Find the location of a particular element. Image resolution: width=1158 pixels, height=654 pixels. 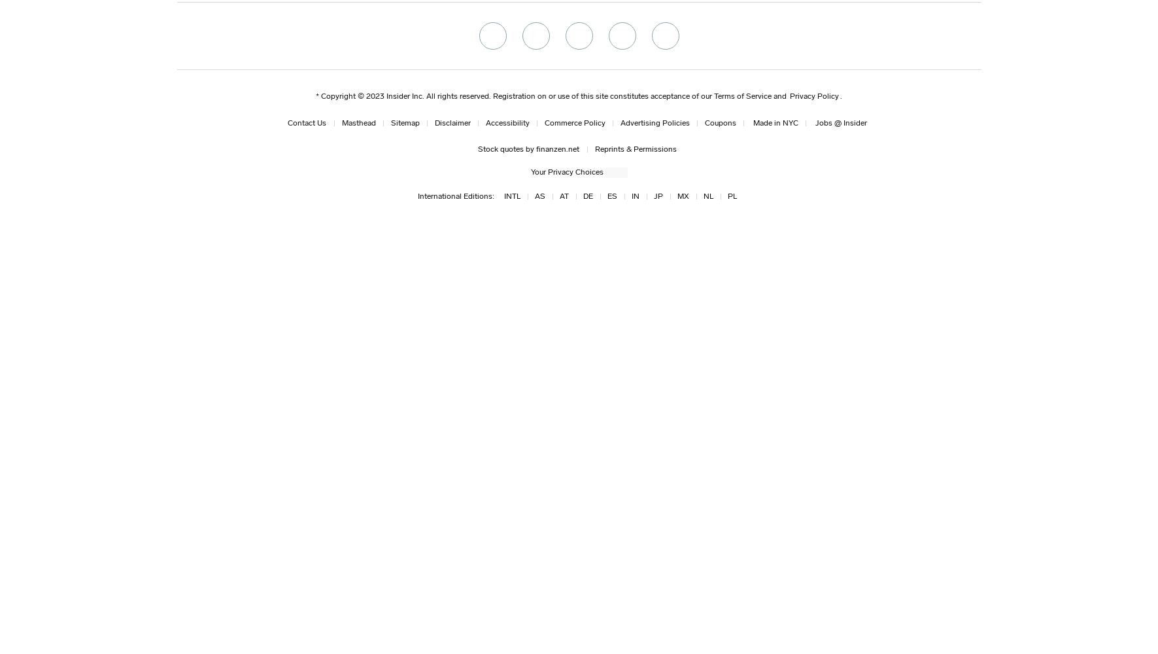

'Next, we see most of the remaining Avengers on the Benatar. Rocket is not wearing the jumpsuit he had on earlier, and the team is not wearing the spacesuits we saw in an earlier trailer. There's also no Hawkeye, Nebula, Ant-Man, or Tony in this shot. Are they somewhere else on the ship or taking care of a different mission? Black Widow has the same short, blond hair she had in "Infinity War." With this trailer and others showing longer, more red hair, does this take place soon after "Infinity War" with other parts of the movie happening much later? It has been pointed out that Tony's hair looks a lot grayer in some shots. Could the team be going to both space and the Quantum Realm? The movie is three hours long, so there's definitely time for both. We get a voiceover of Thanos saying:' is located at coordinates (421, 379).